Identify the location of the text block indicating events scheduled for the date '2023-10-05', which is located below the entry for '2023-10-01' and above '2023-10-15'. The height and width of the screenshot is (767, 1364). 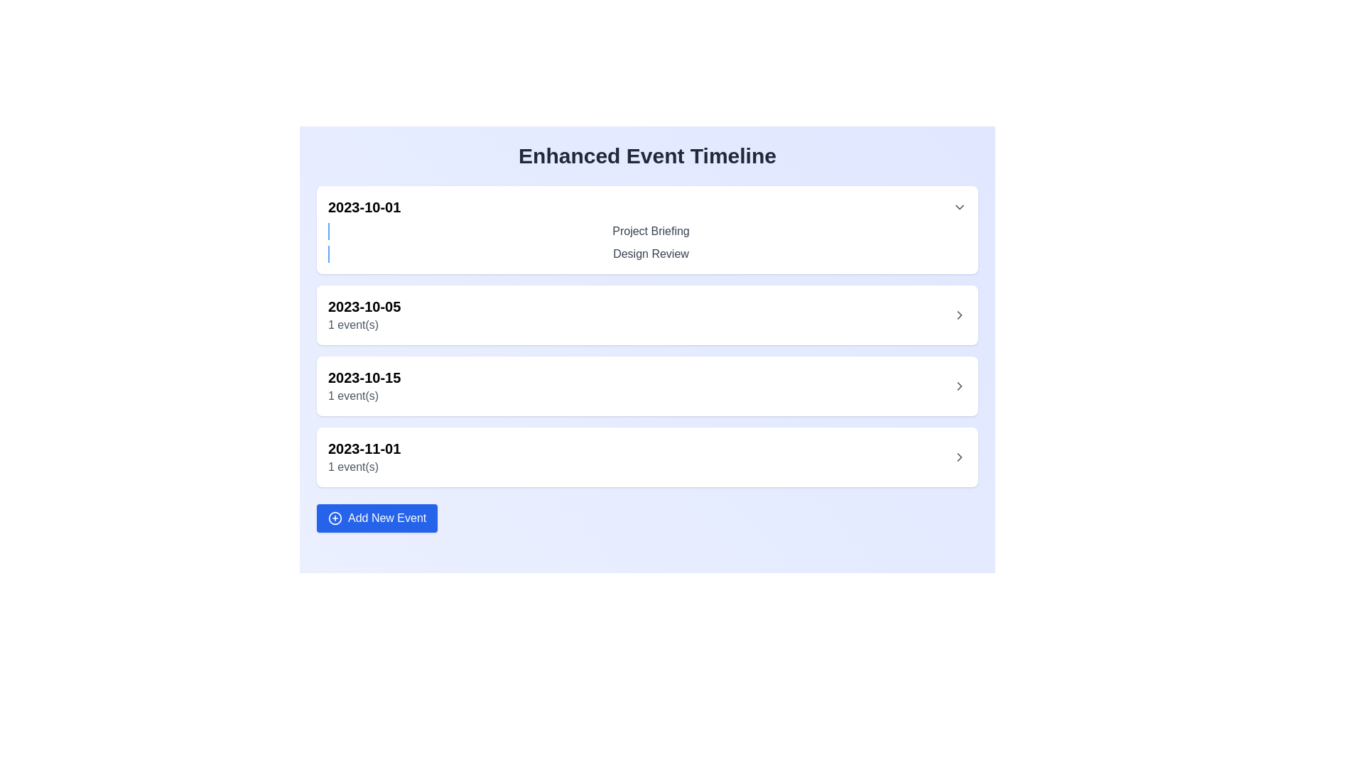
(364, 314).